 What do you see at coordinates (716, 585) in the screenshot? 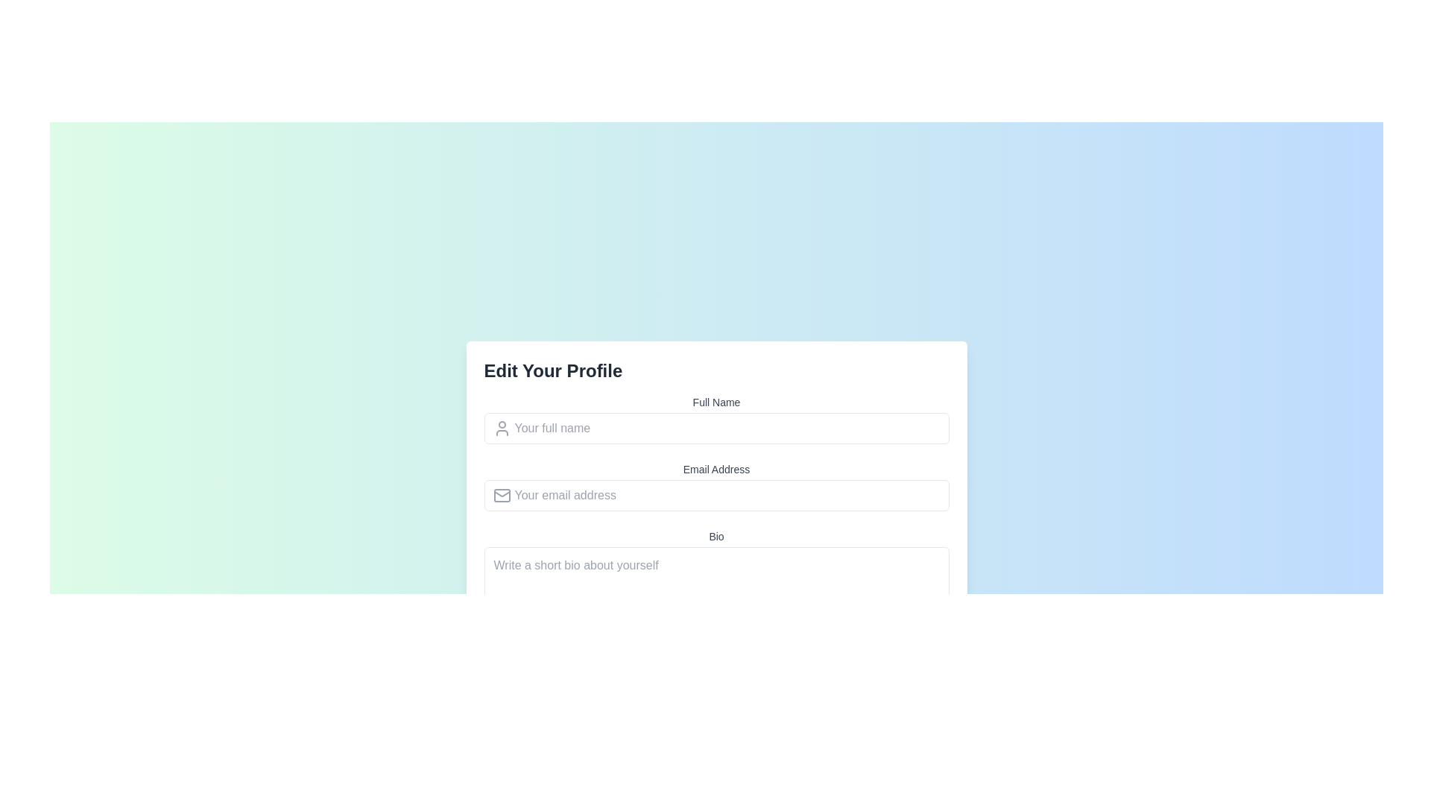
I see `the cursor` at bounding box center [716, 585].